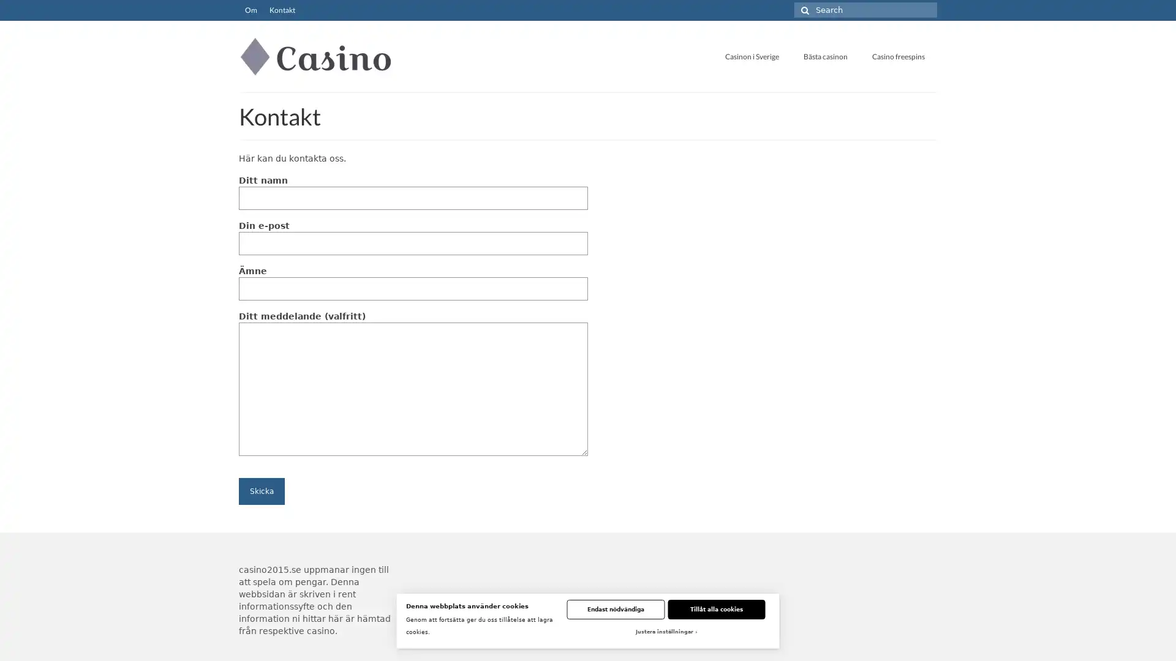 The height and width of the screenshot is (661, 1176). Describe the element at coordinates (716, 609) in the screenshot. I see `Tillat alla cookies` at that location.